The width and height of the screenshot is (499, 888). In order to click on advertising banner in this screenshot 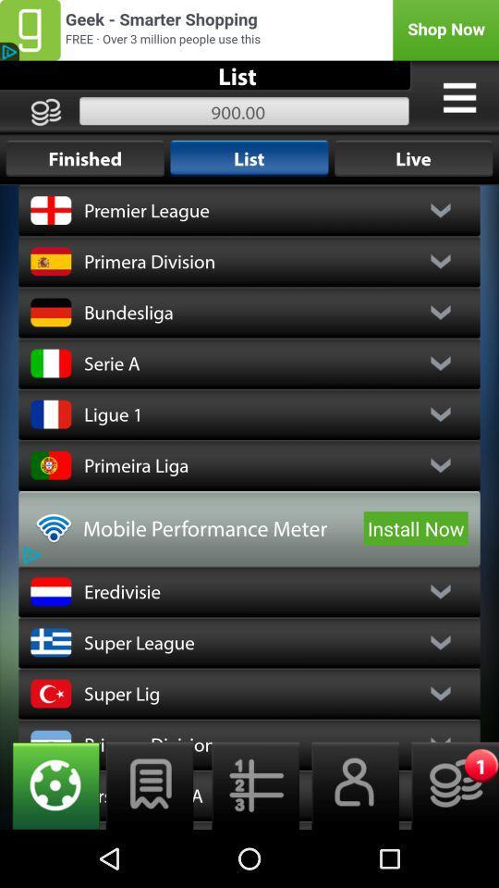, I will do `click(249, 29)`.